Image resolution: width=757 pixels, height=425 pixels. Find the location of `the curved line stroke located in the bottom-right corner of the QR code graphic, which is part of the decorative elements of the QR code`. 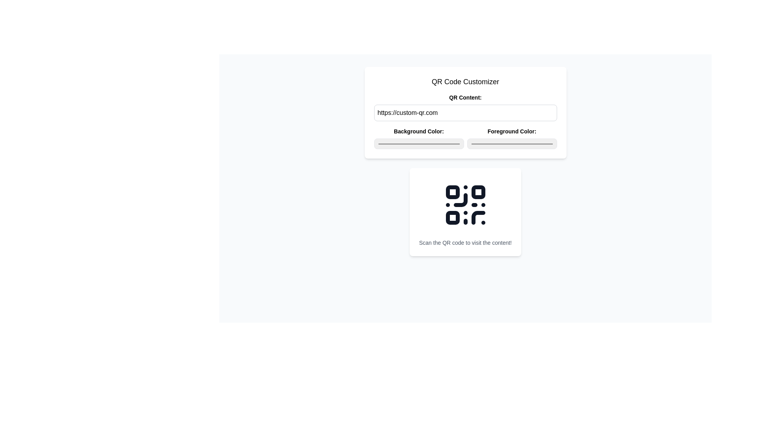

the curved line stroke located in the bottom-right corner of the QR code graphic, which is part of the decorative elements of the QR code is located at coordinates (478, 217).